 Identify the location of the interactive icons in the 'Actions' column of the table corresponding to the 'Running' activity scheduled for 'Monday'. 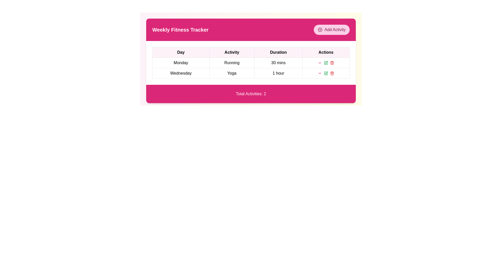
(325, 62).